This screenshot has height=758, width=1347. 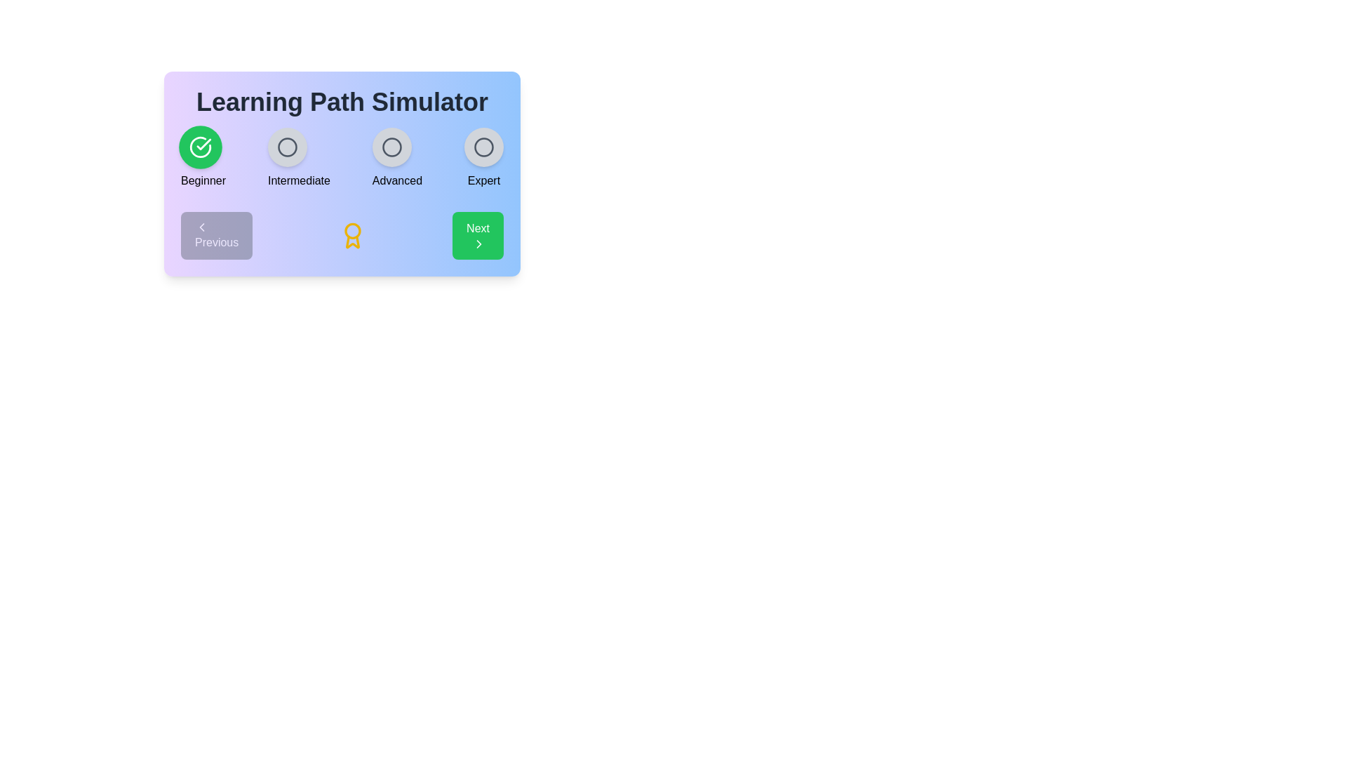 What do you see at coordinates (484, 158) in the screenshot?
I see `the 'Expert' level icon` at bounding box center [484, 158].